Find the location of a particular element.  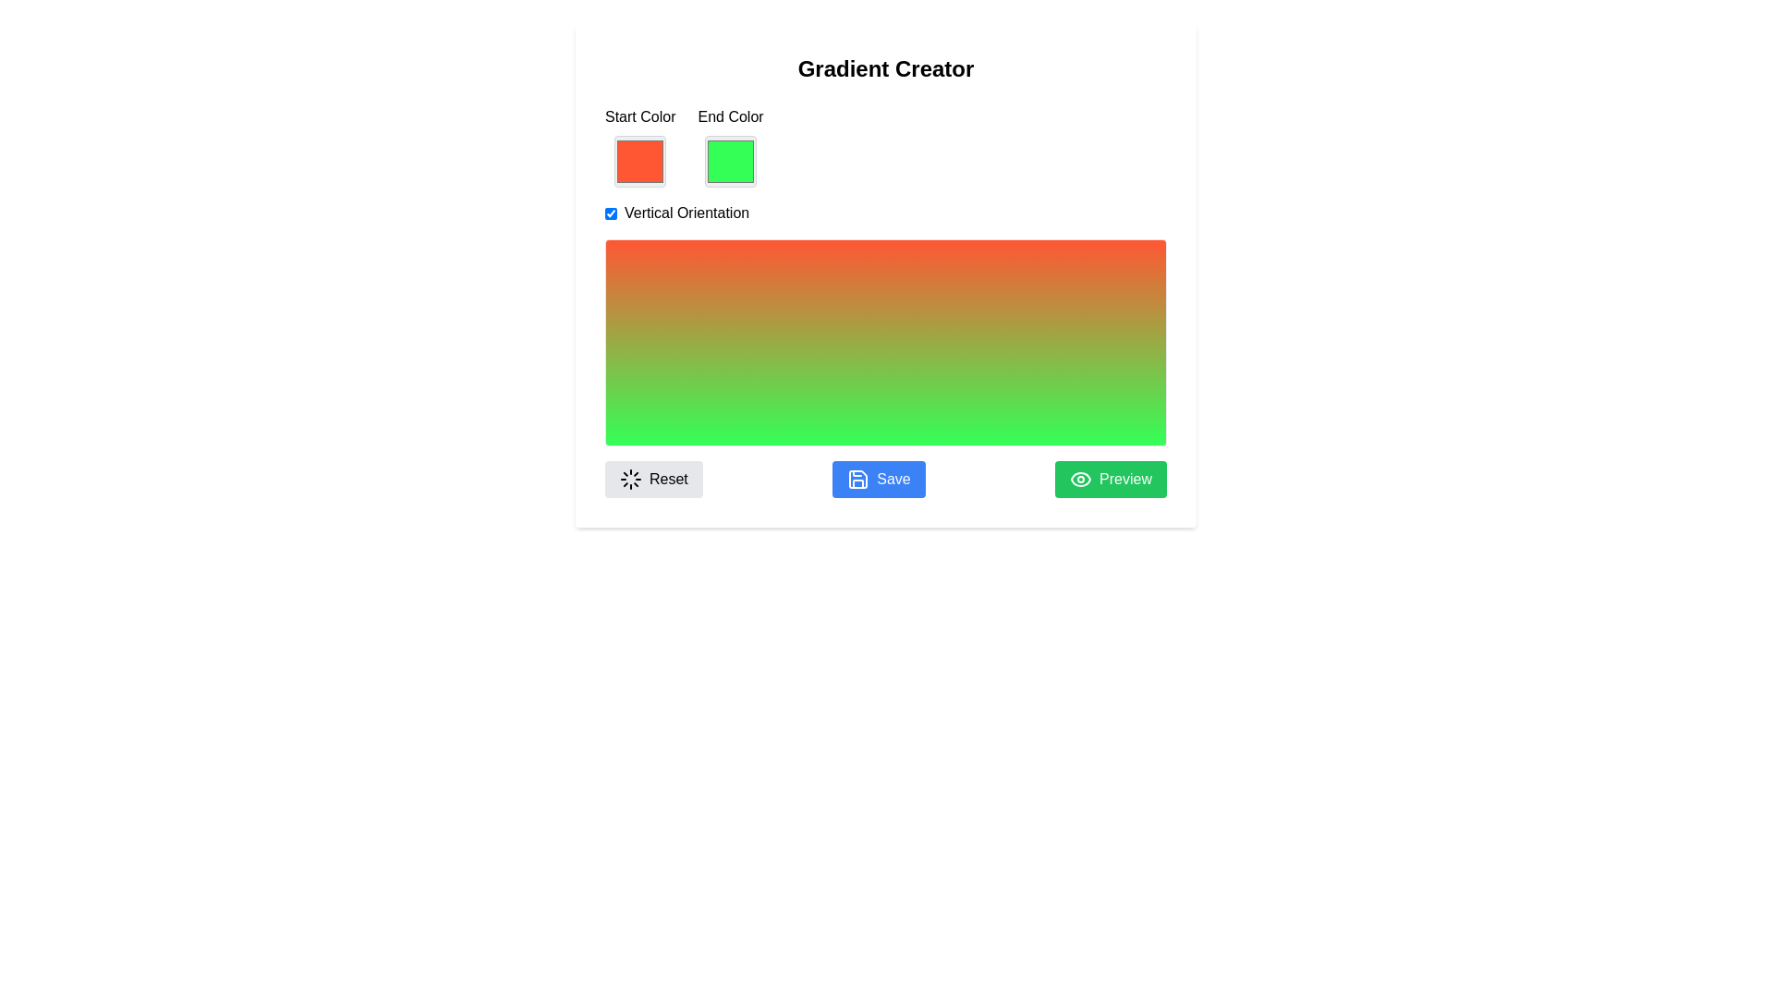

the static visual display that shows a gradient preview based on user-selected values, located below the 'Vertical Orientation' section is located at coordinates (885, 342).